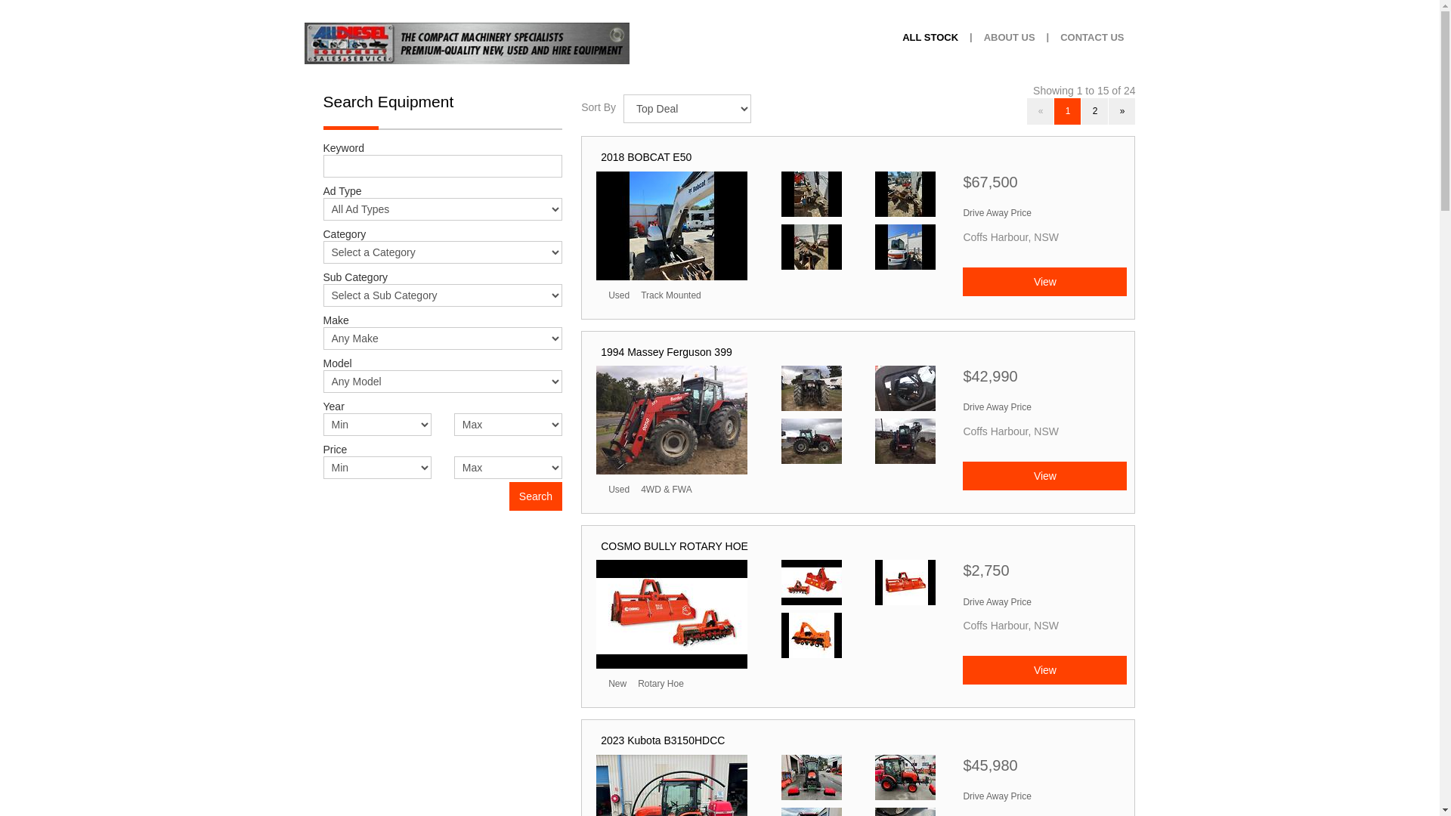 The image size is (1451, 816). What do you see at coordinates (1091, 37) in the screenshot?
I see `'CONTACT US'` at bounding box center [1091, 37].